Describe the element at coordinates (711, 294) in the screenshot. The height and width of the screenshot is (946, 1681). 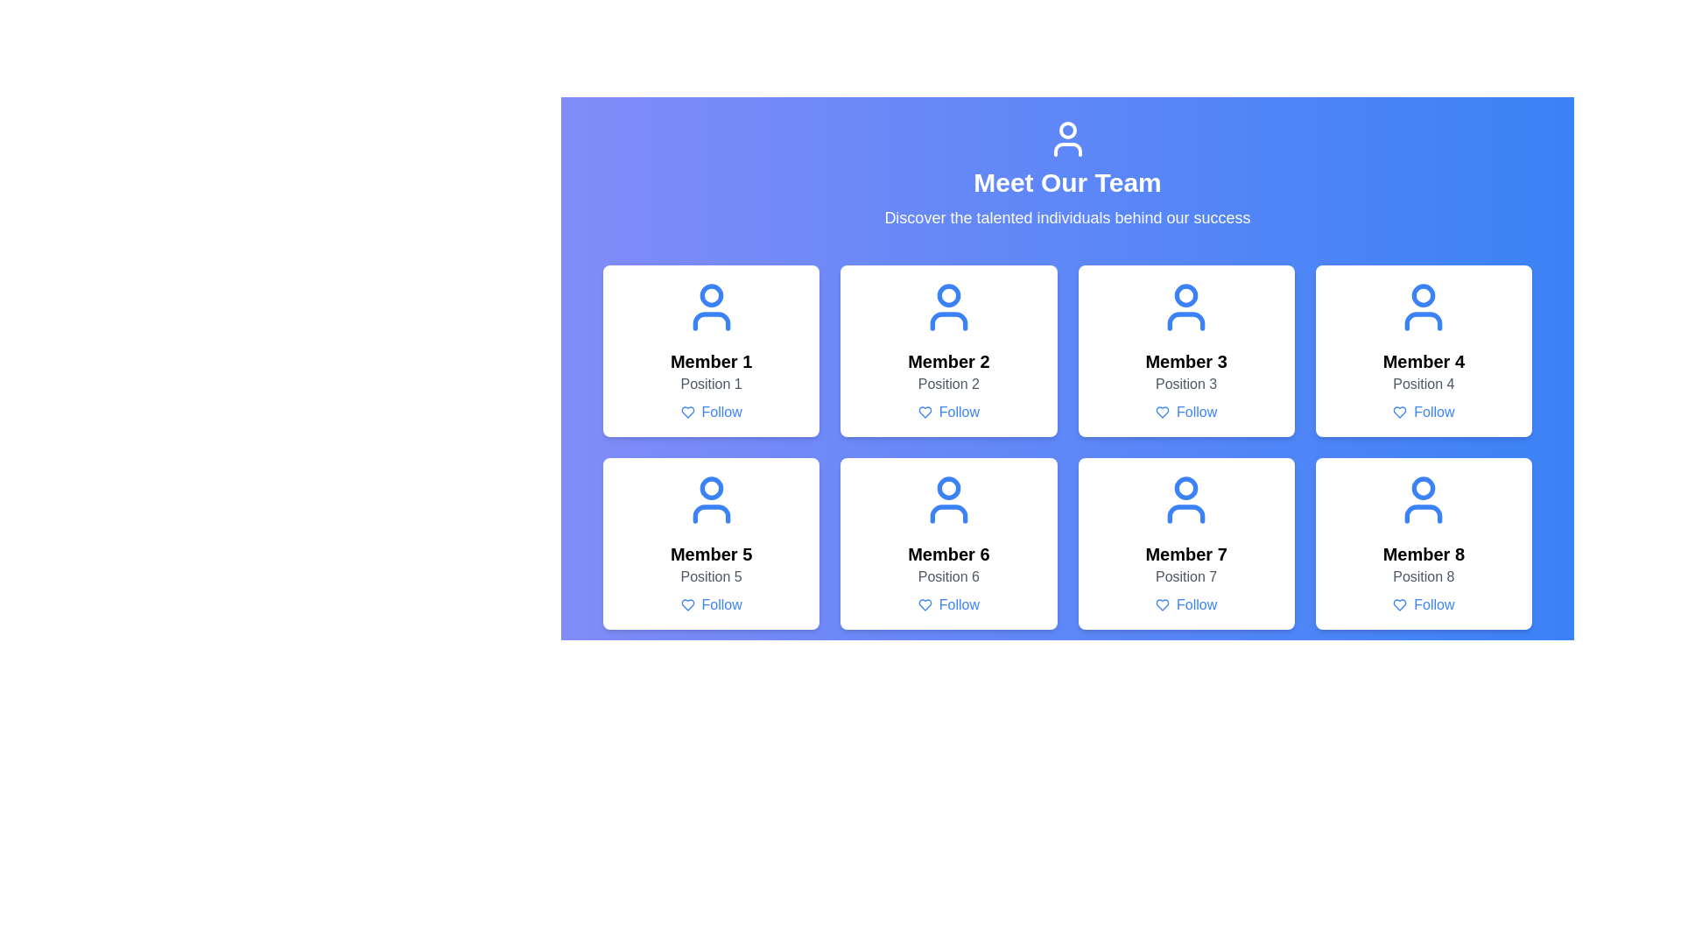
I see `the circular icon filled with white color, located in the head region of the avatar illustration for 'Member 1' in the user grid` at that location.